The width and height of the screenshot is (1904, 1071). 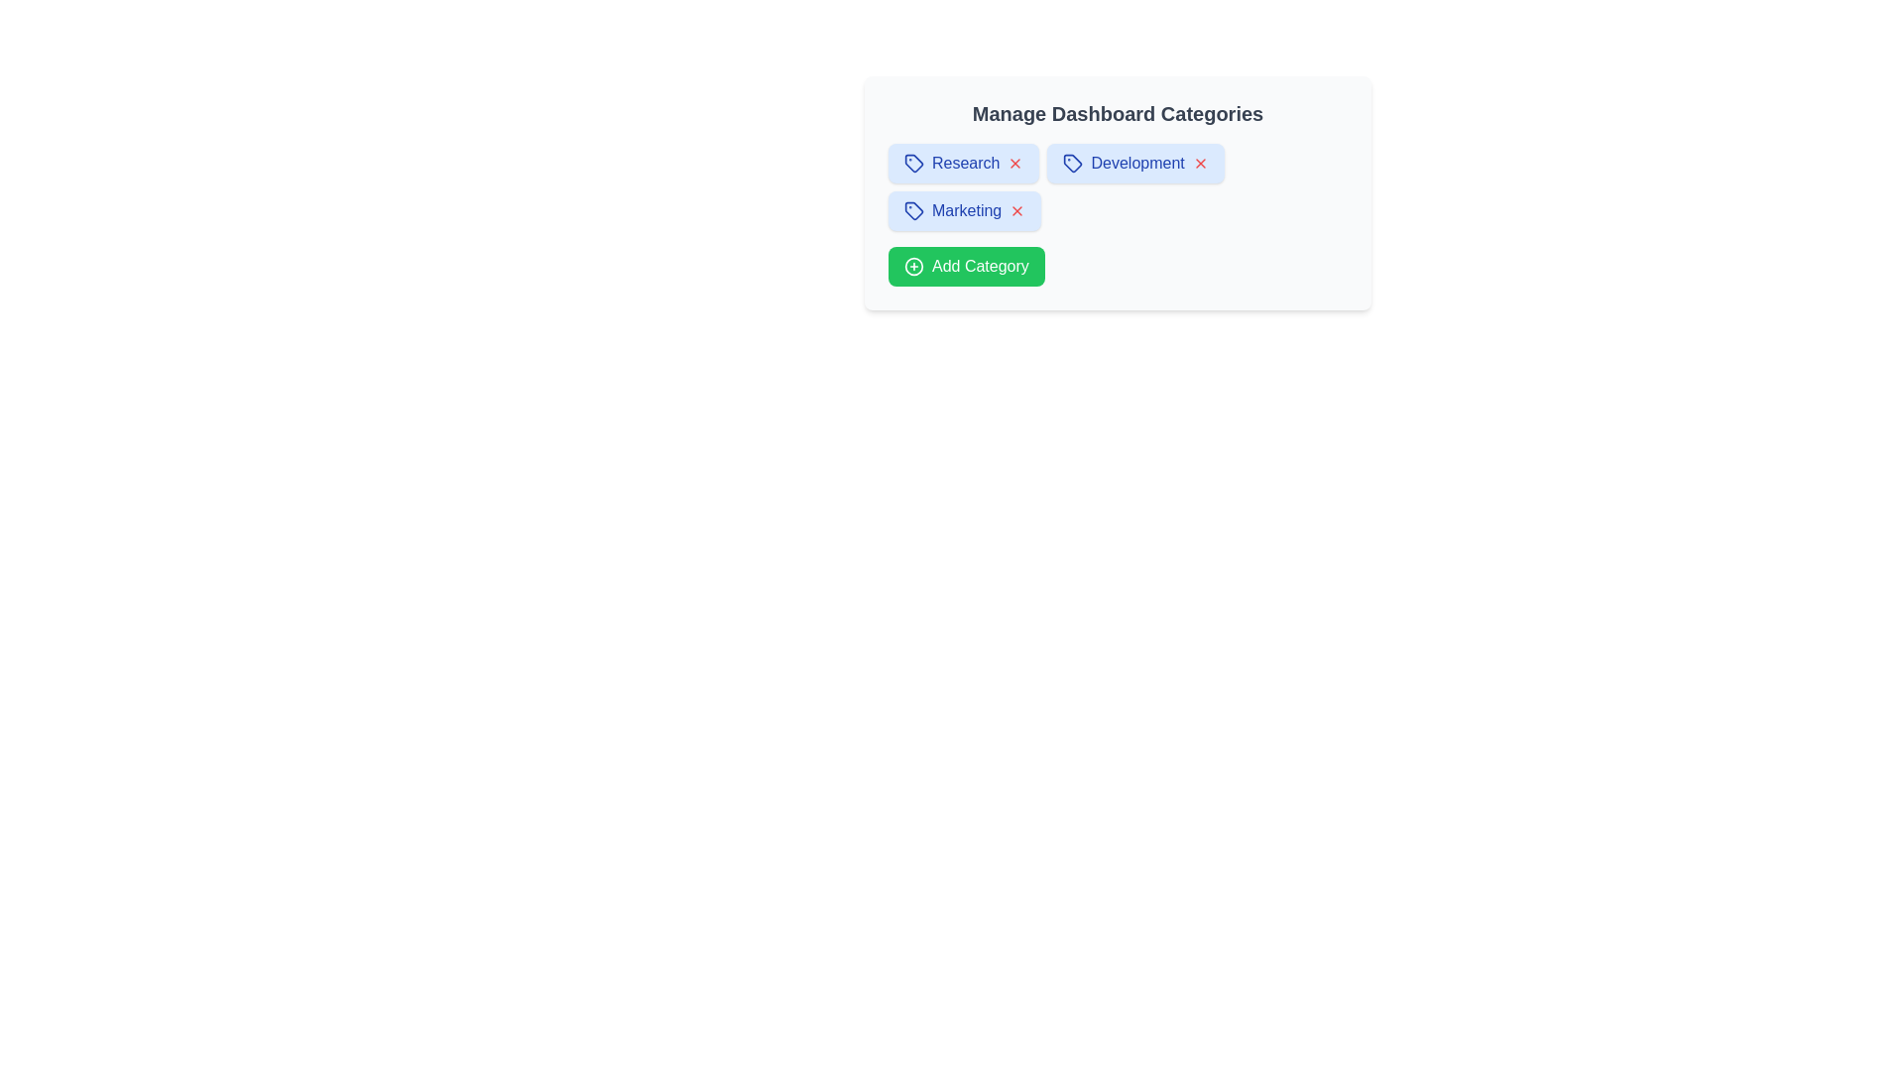 What do you see at coordinates (1135, 163) in the screenshot?
I see `the category chip labeled Development` at bounding box center [1135, 163].